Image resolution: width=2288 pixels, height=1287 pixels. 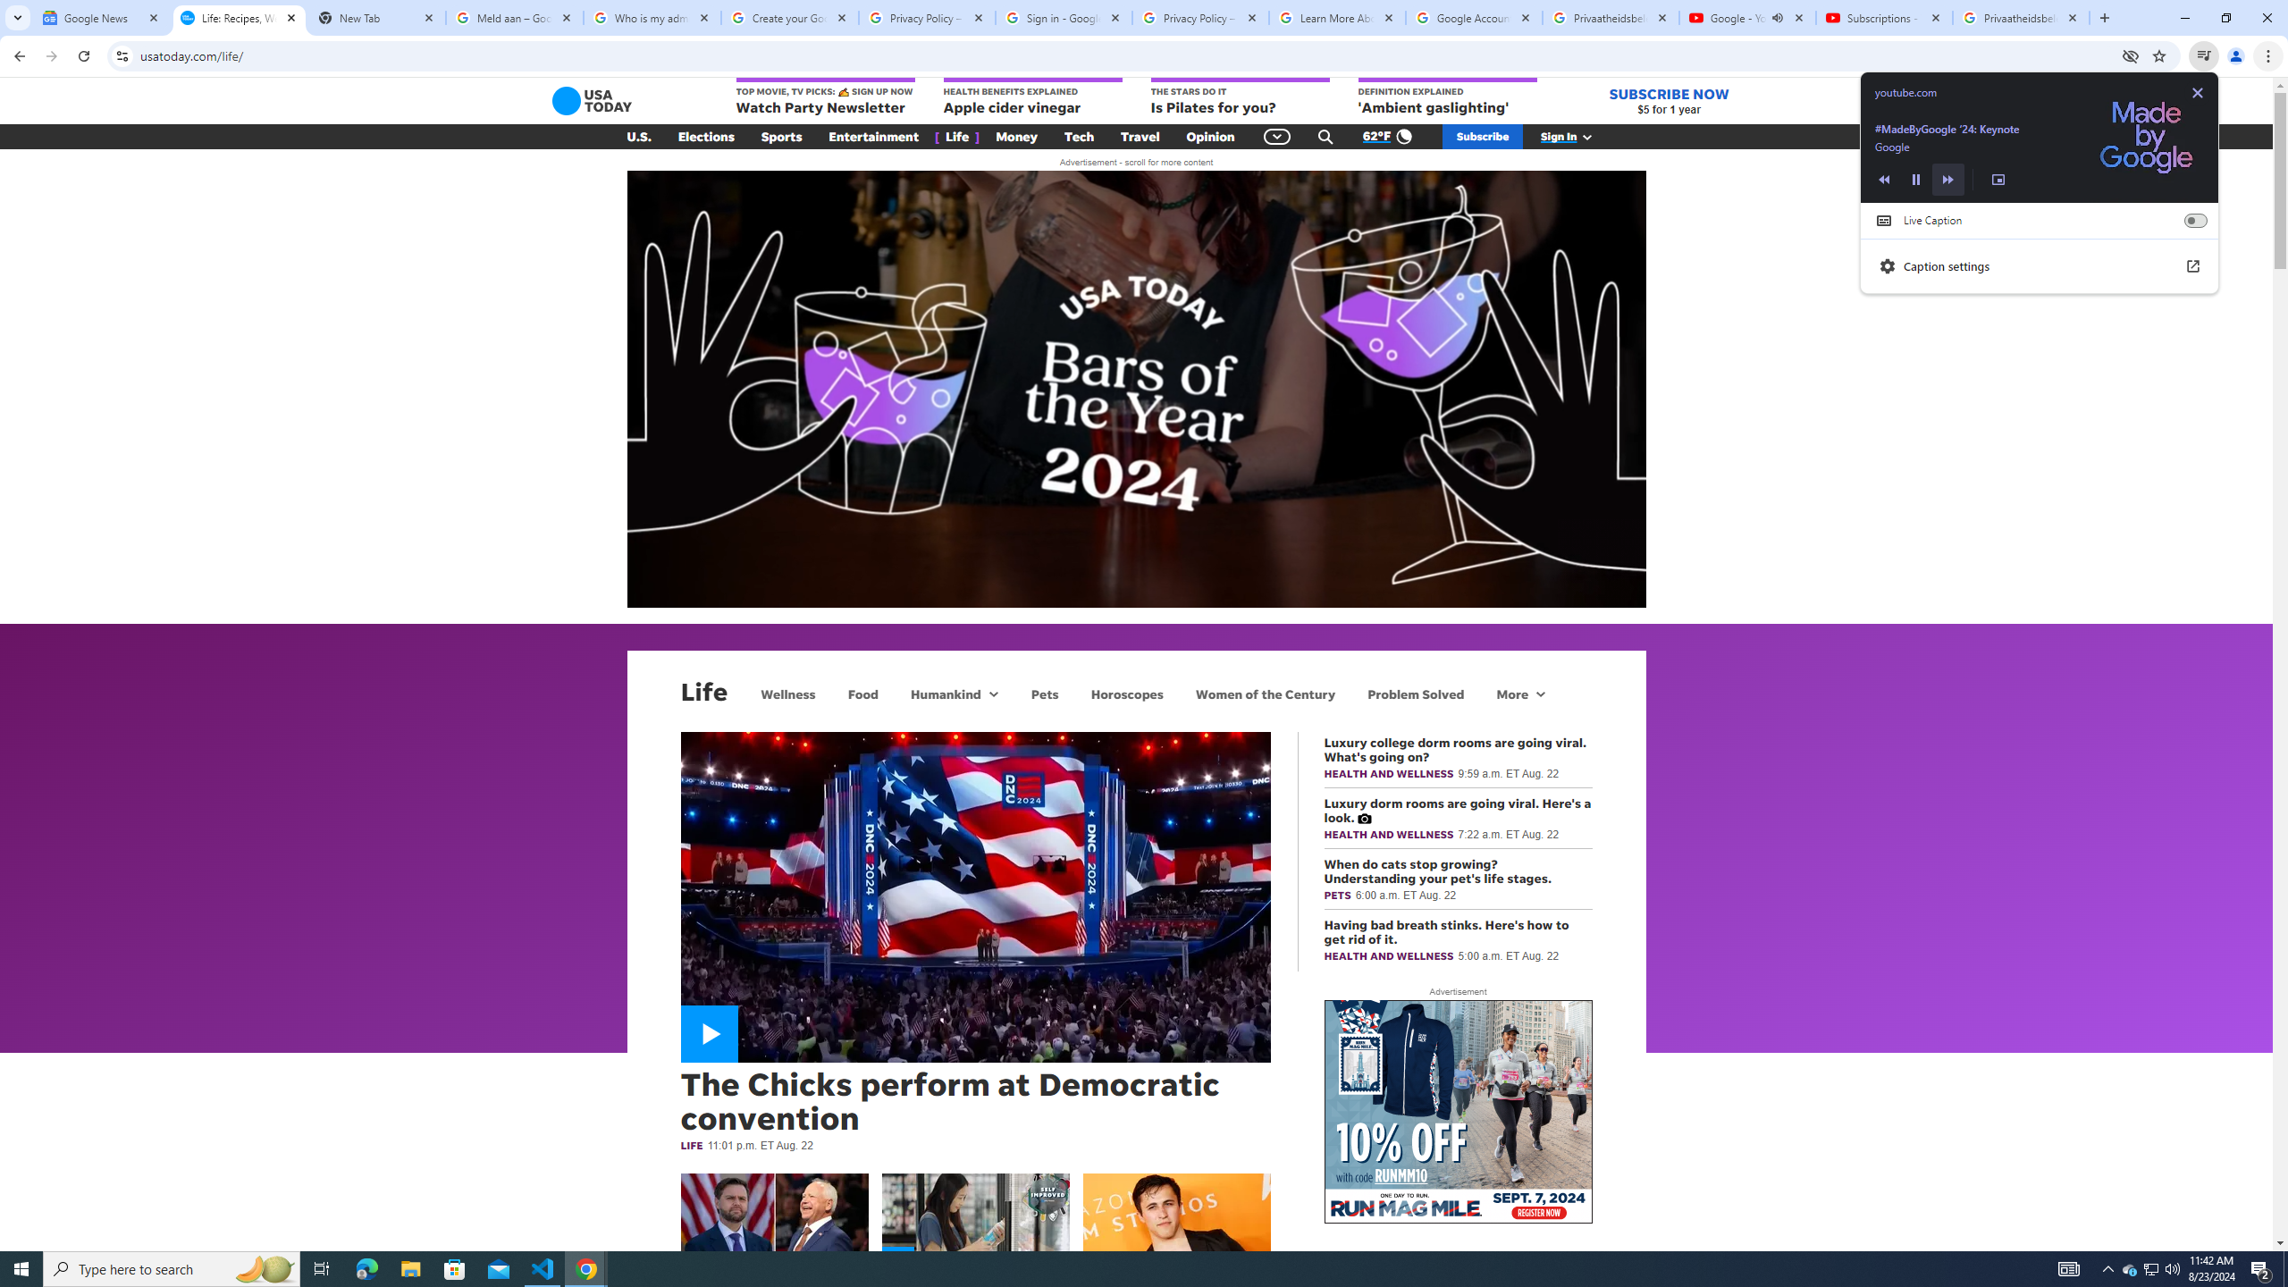 What do you see at coordinates (593, 100) in the screenshot?
I see `'USA TODAY'` at bounding box center [593, 100].